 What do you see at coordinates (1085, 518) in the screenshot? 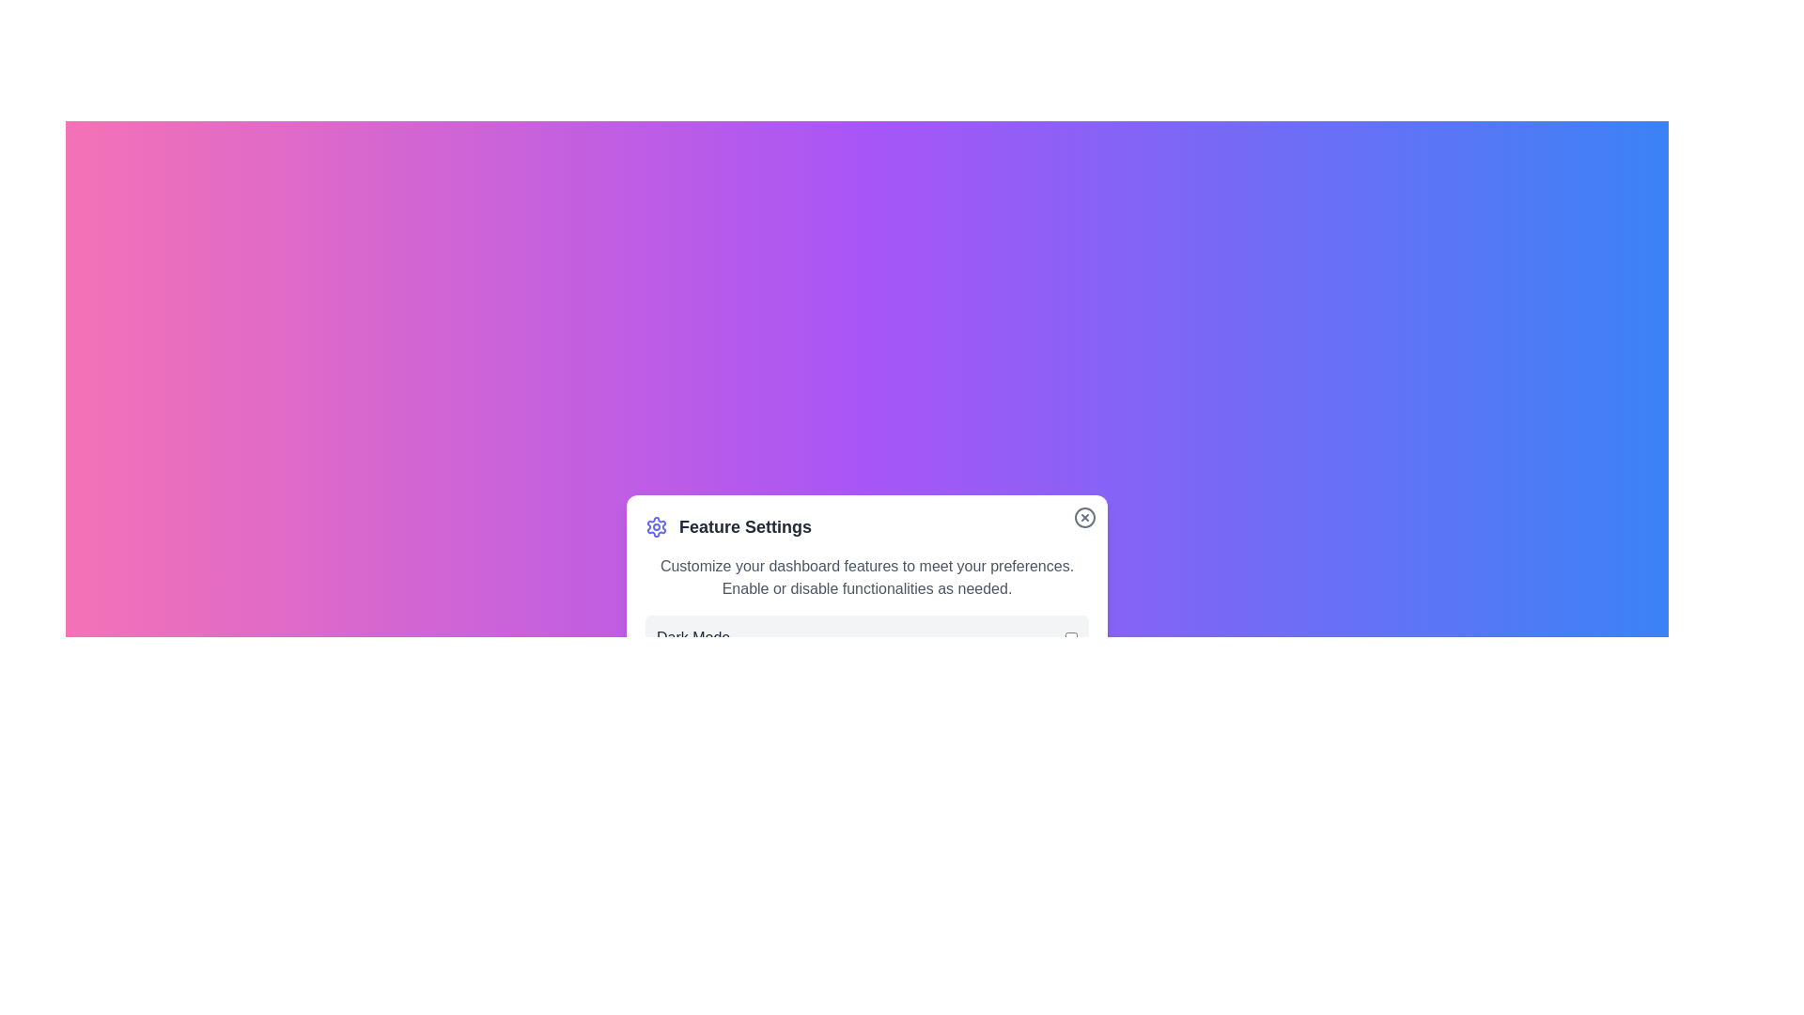
I see `the circular icon button with an 'X' symbol, located at the top-right corner of the feature settings card, to change its appearance` at bounding box center [1085, 518].